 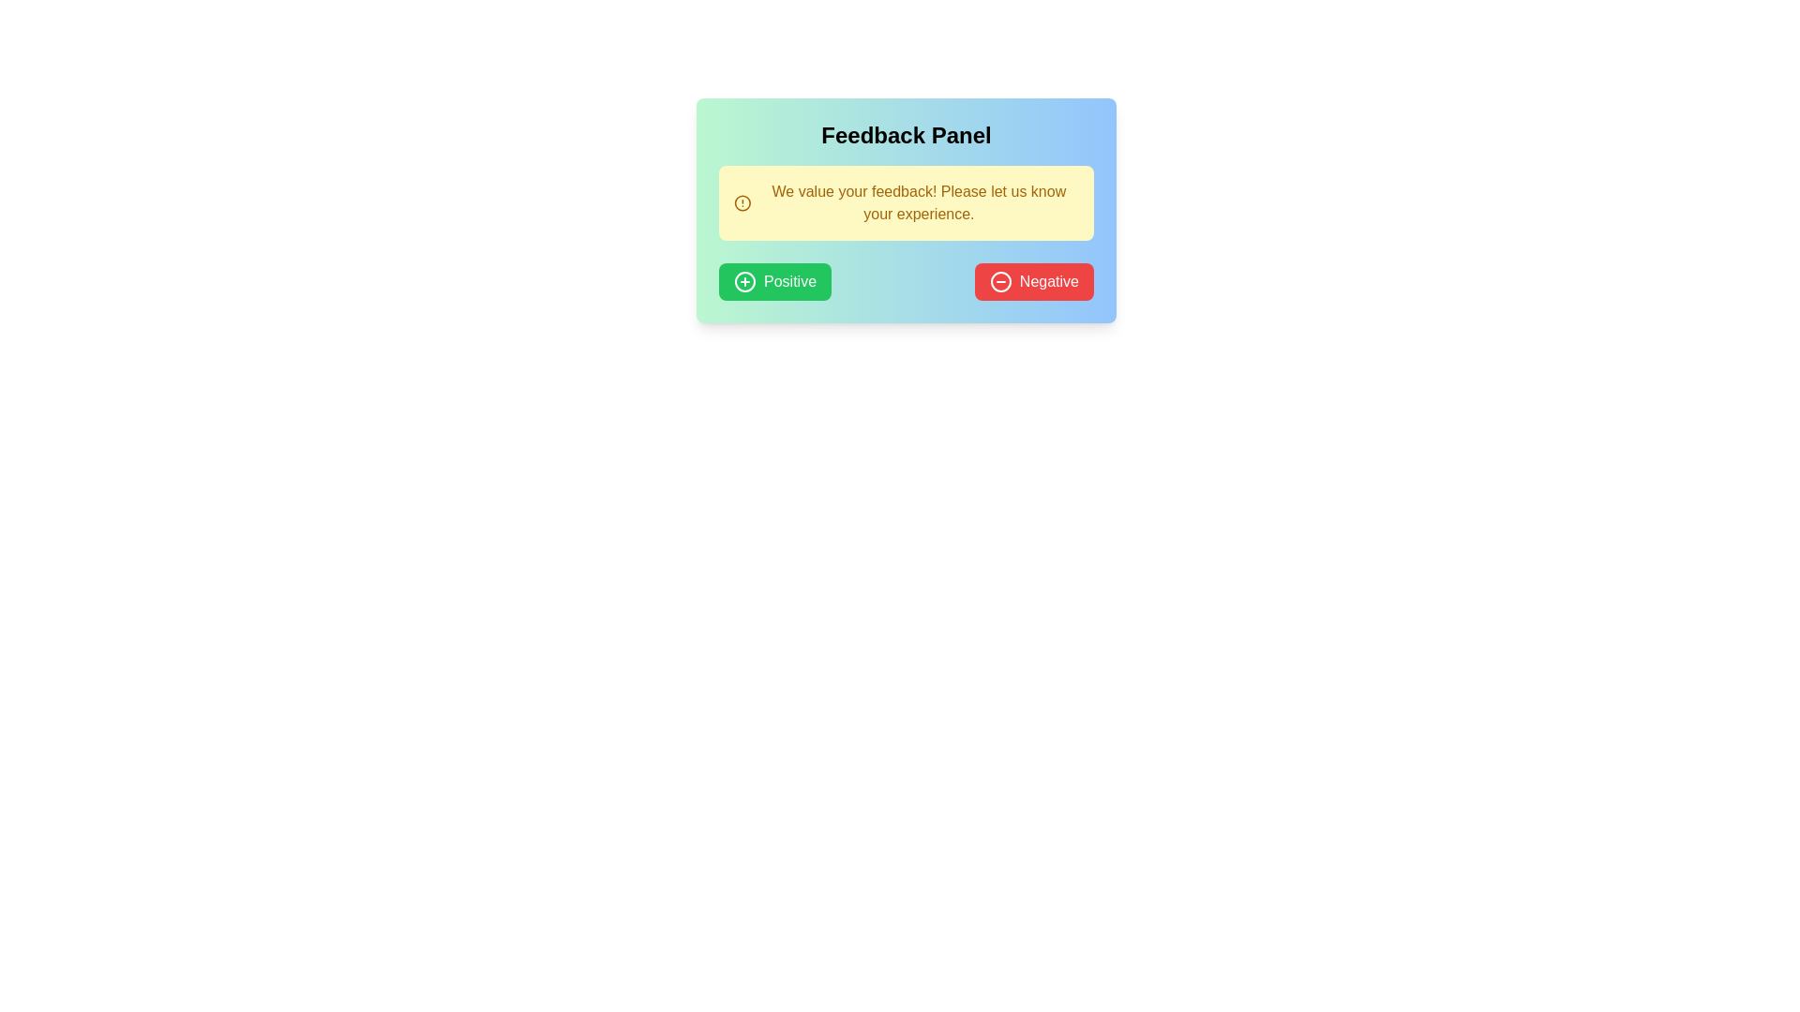 I want to click on the icon within the 'Negative' feedback button, located to the left of the text 'Negative' in the 'Feedback Panel', so click(x=999, y=281).